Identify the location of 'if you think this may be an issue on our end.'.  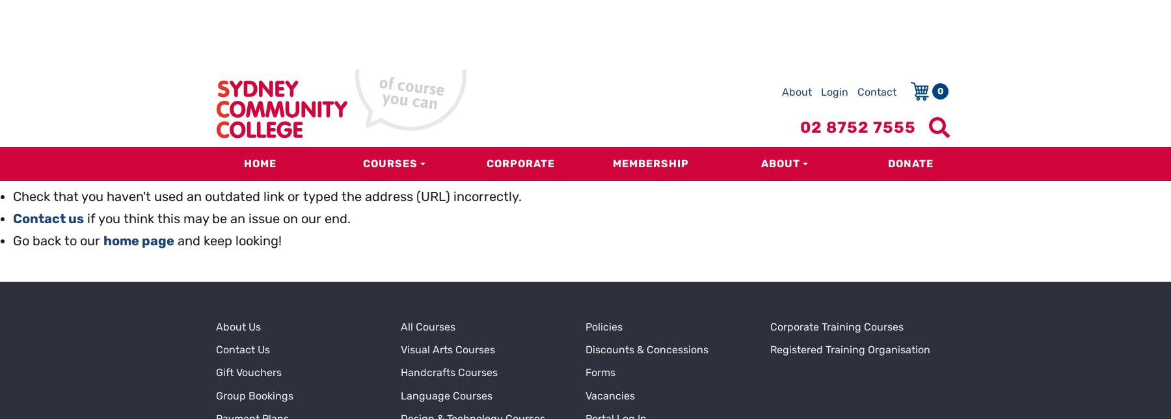
(217, 36).